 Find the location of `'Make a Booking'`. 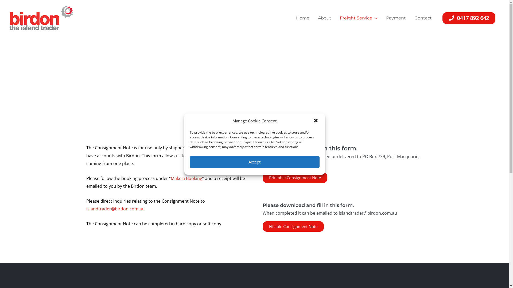

'Make a Booking' is located at coordinates (186, 178).